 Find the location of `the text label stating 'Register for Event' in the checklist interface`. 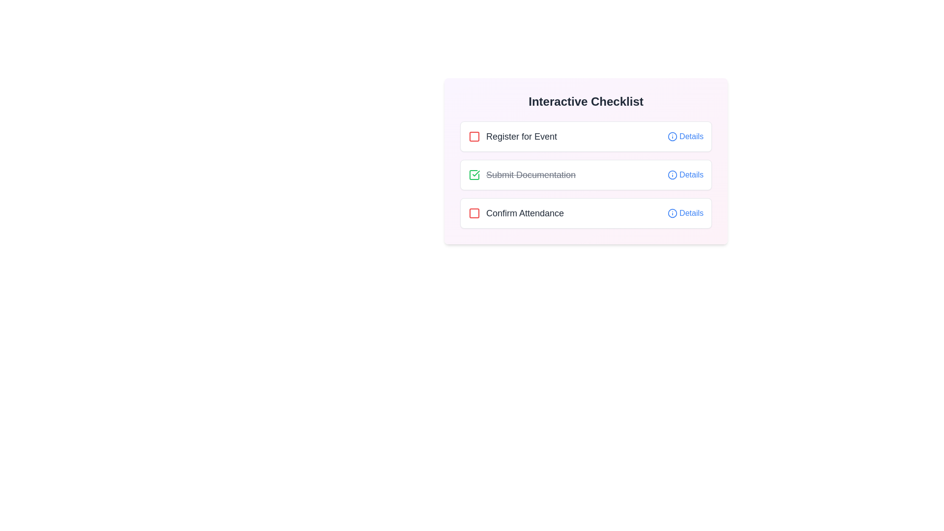

the text label stating 'Register for Event' in the checklist interface is located at coordinates (521, 136).